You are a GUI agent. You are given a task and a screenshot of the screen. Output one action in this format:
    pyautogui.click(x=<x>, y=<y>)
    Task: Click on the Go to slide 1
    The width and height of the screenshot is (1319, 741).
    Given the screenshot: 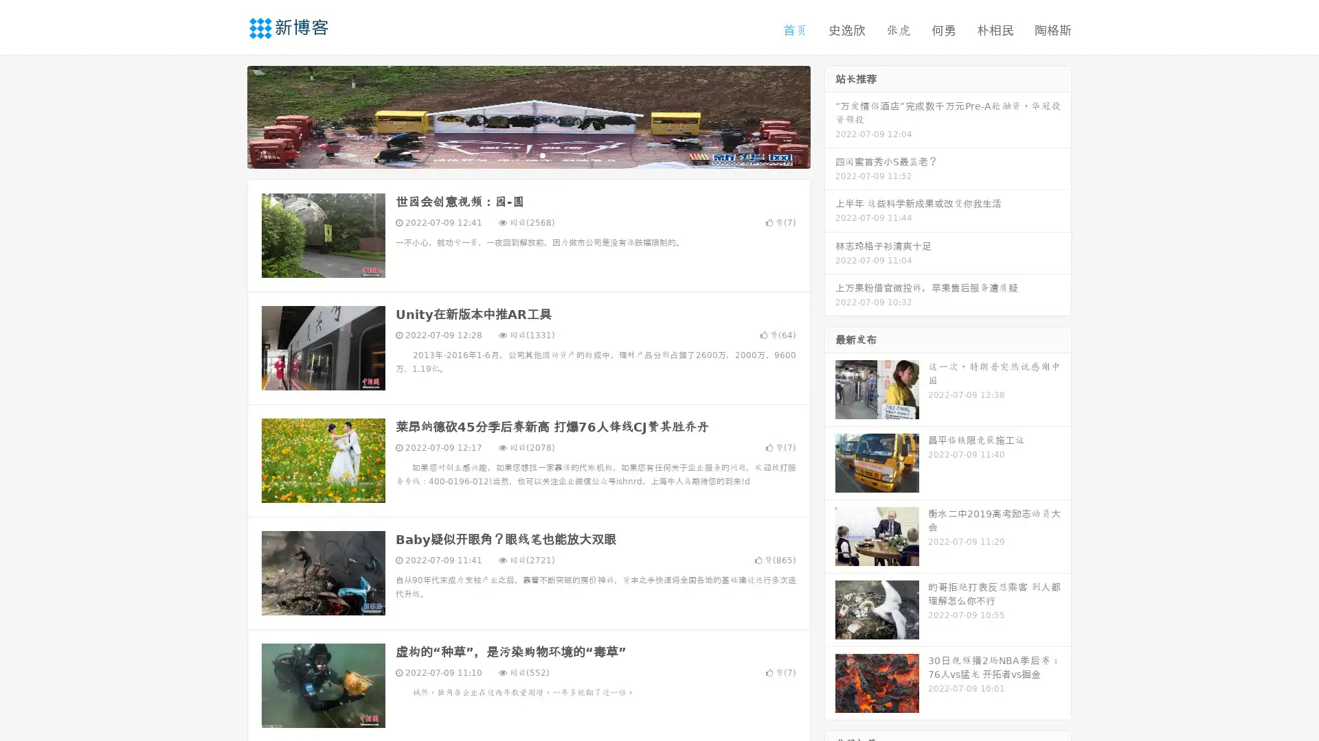 What is the action you would take?
    pyautogui.click(x=514, y=154)
    